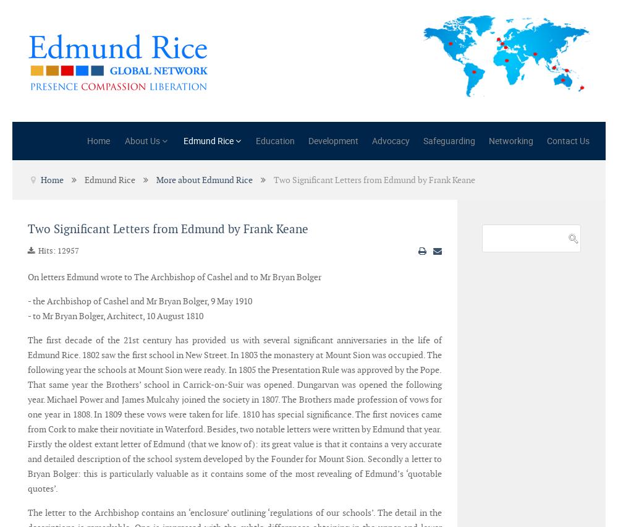 This screenshot has width=618, height=527. Describe the element at coordinates (333, 140) in the screenshot. I see `'Development'` at that location.